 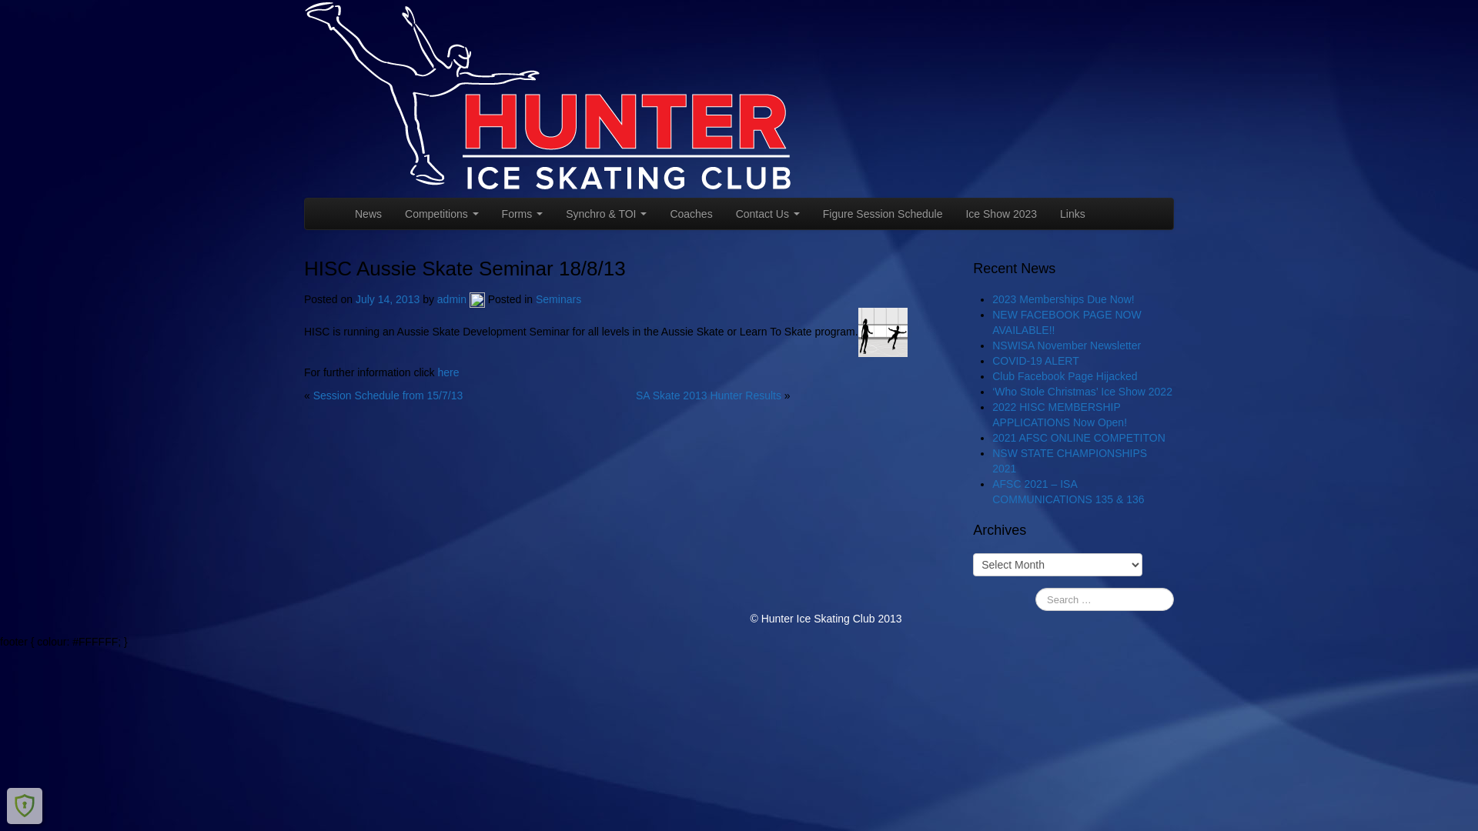 What do you see at coordinates (389, 299) in the screenshot?
I see `'July 14, 2013'` at bounding box center [389, 299].